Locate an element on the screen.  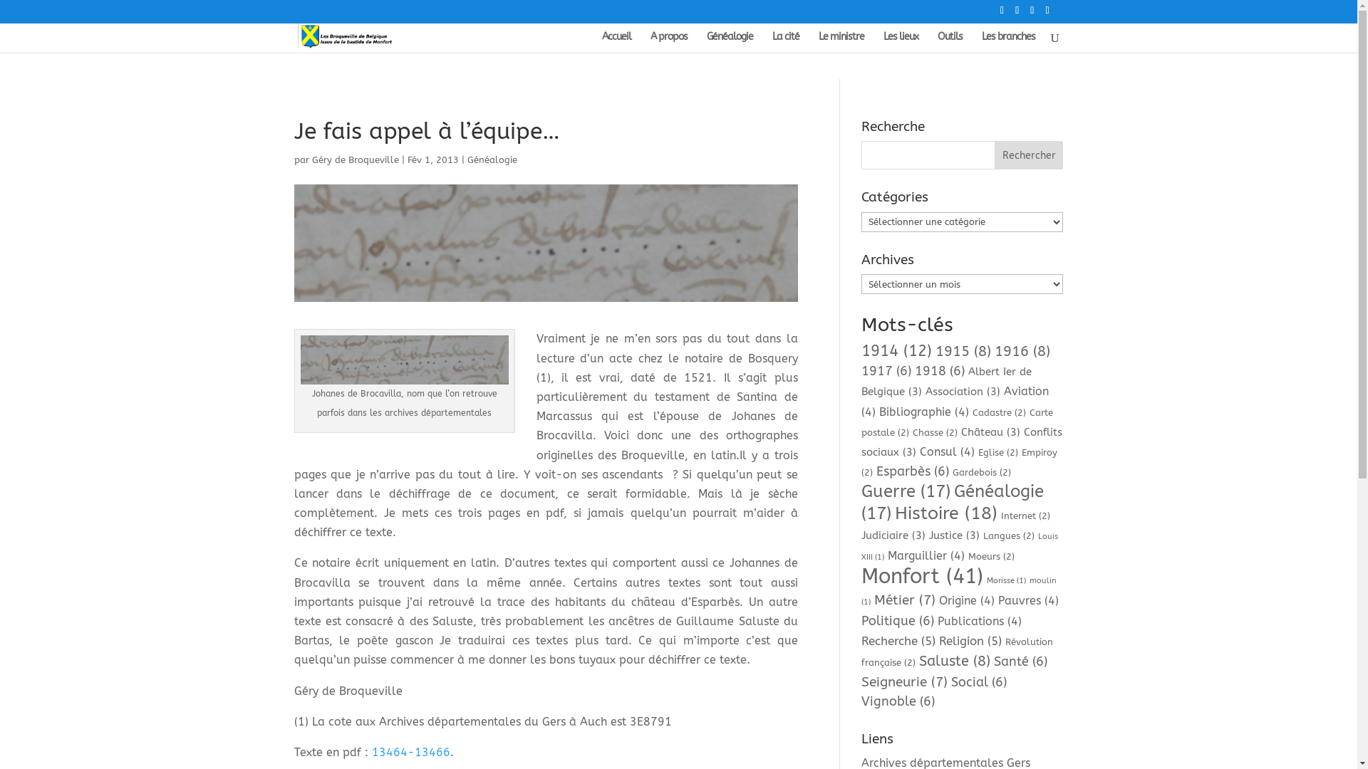
'moulin (1)' is located at coordinates (958, 591).